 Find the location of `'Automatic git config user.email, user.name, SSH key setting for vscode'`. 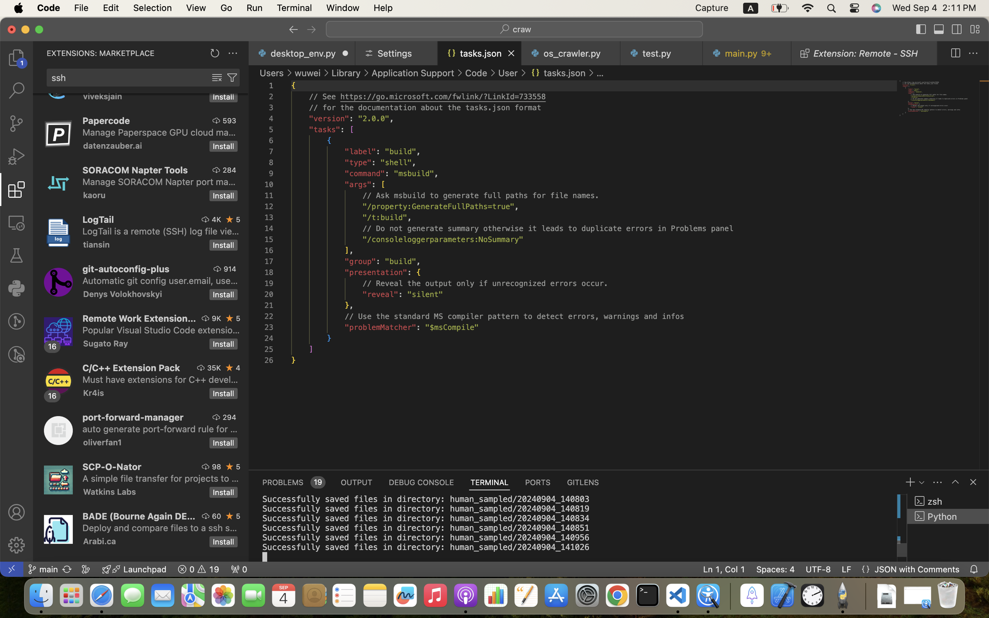

'Automatic git config user.email, user.name, SSH key setting for vscode' is located at coordinates (160, 280).